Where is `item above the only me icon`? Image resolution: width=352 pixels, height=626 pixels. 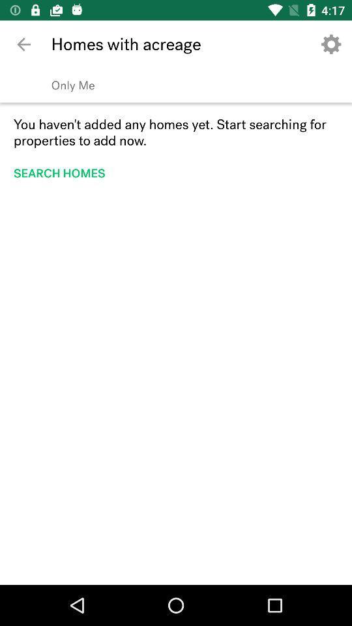
item above the only me icon is located at coordinates (23, 44).